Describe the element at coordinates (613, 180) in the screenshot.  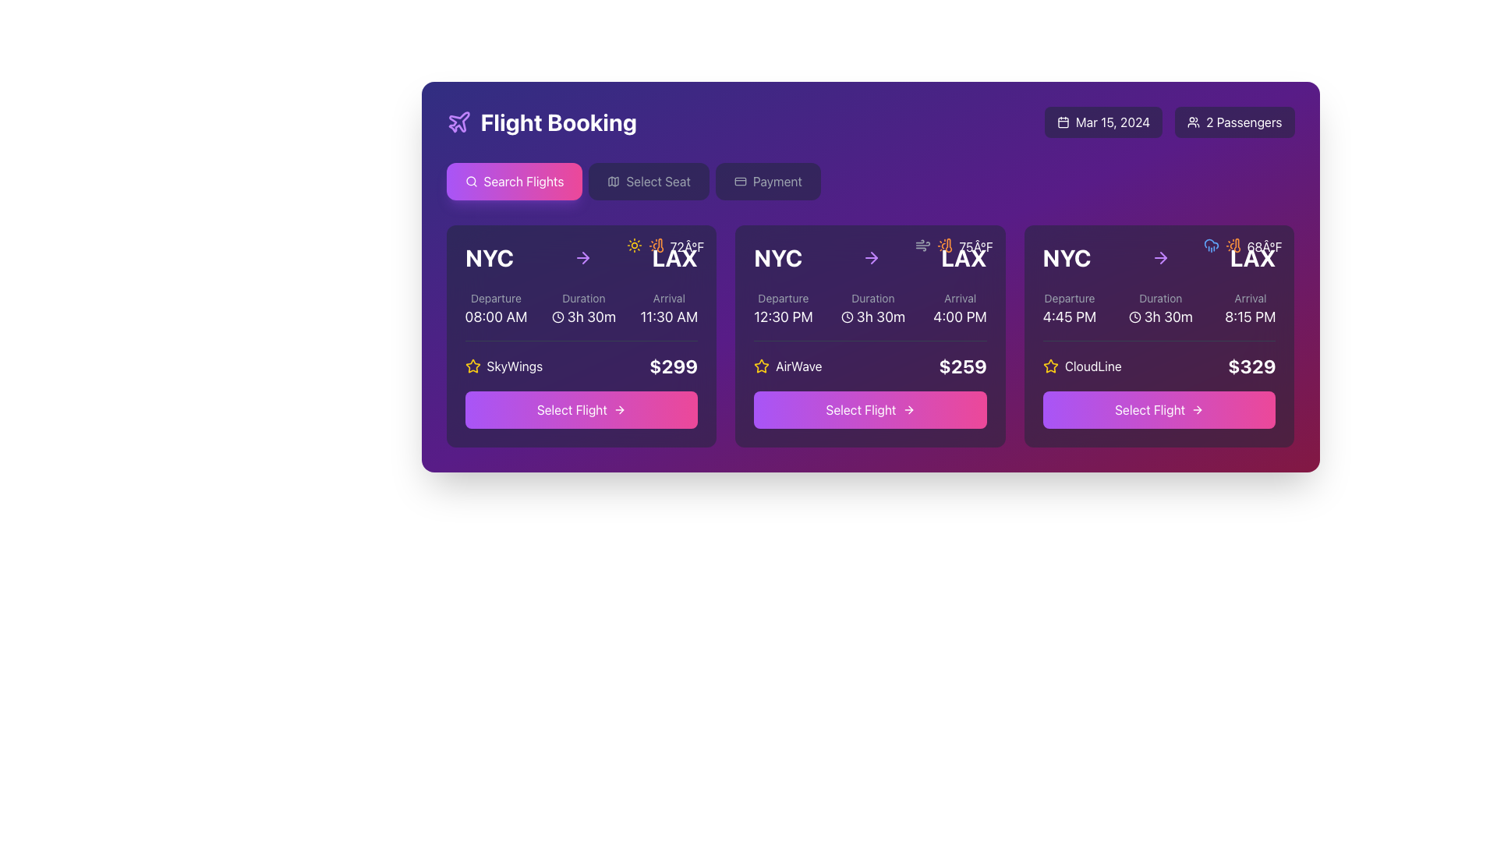
I see `the small icon featuring a geometric design that resembles a folded map, located near the top left corner of the interface next to the 'Flight Booking' title` at that location.